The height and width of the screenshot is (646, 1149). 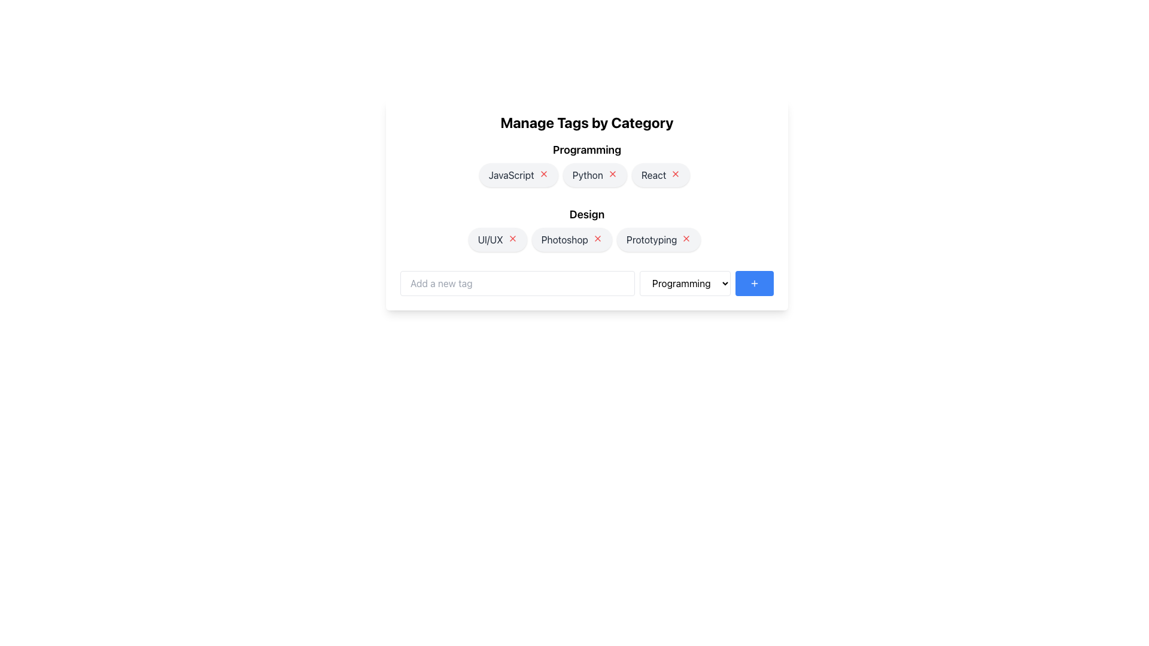 I want to click on the red 'X' icon button located at the right end of the 'JavaScript' tag, so click(x=543, y=173).